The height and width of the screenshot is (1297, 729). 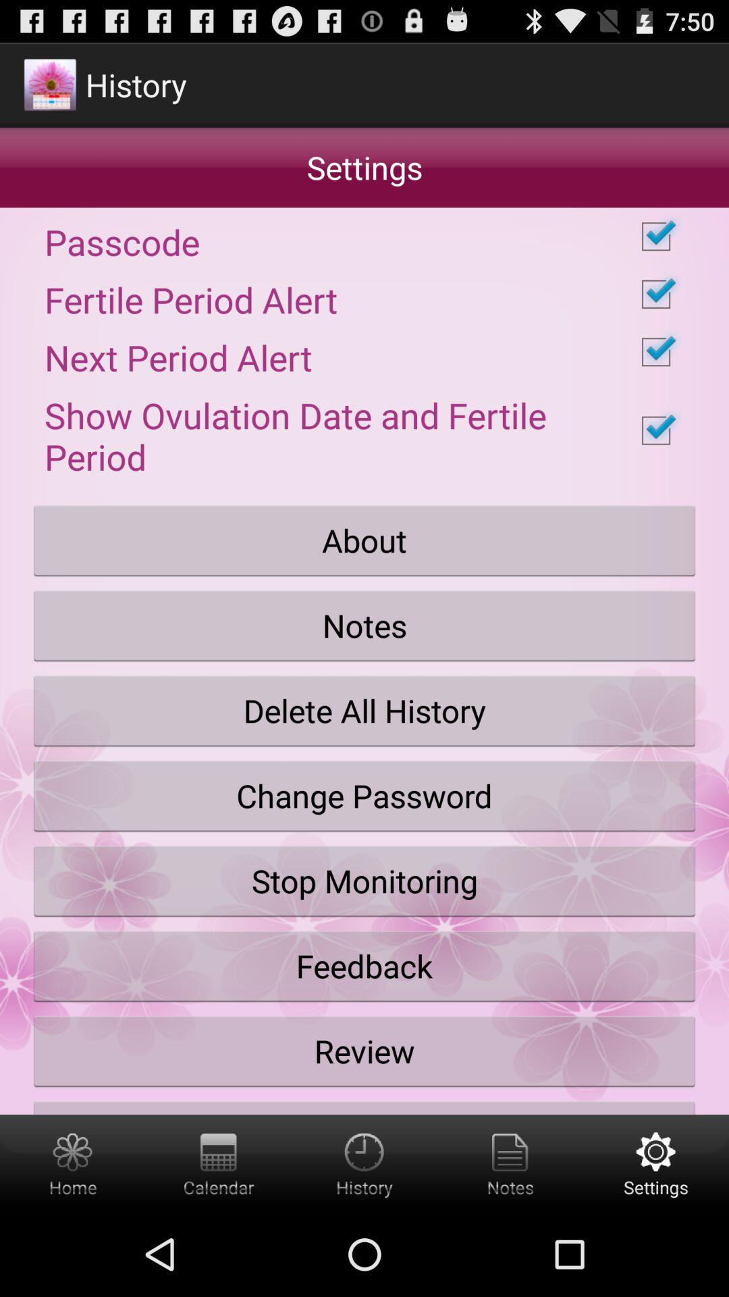 What do you see at coordinates (364, 710) in the screenshot?
I see `the icon above change password button` at bounding box center [364, 710].